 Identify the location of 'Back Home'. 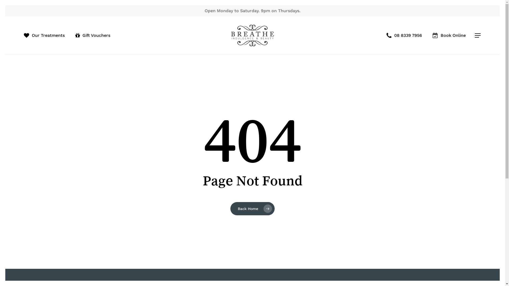
(252, 208).